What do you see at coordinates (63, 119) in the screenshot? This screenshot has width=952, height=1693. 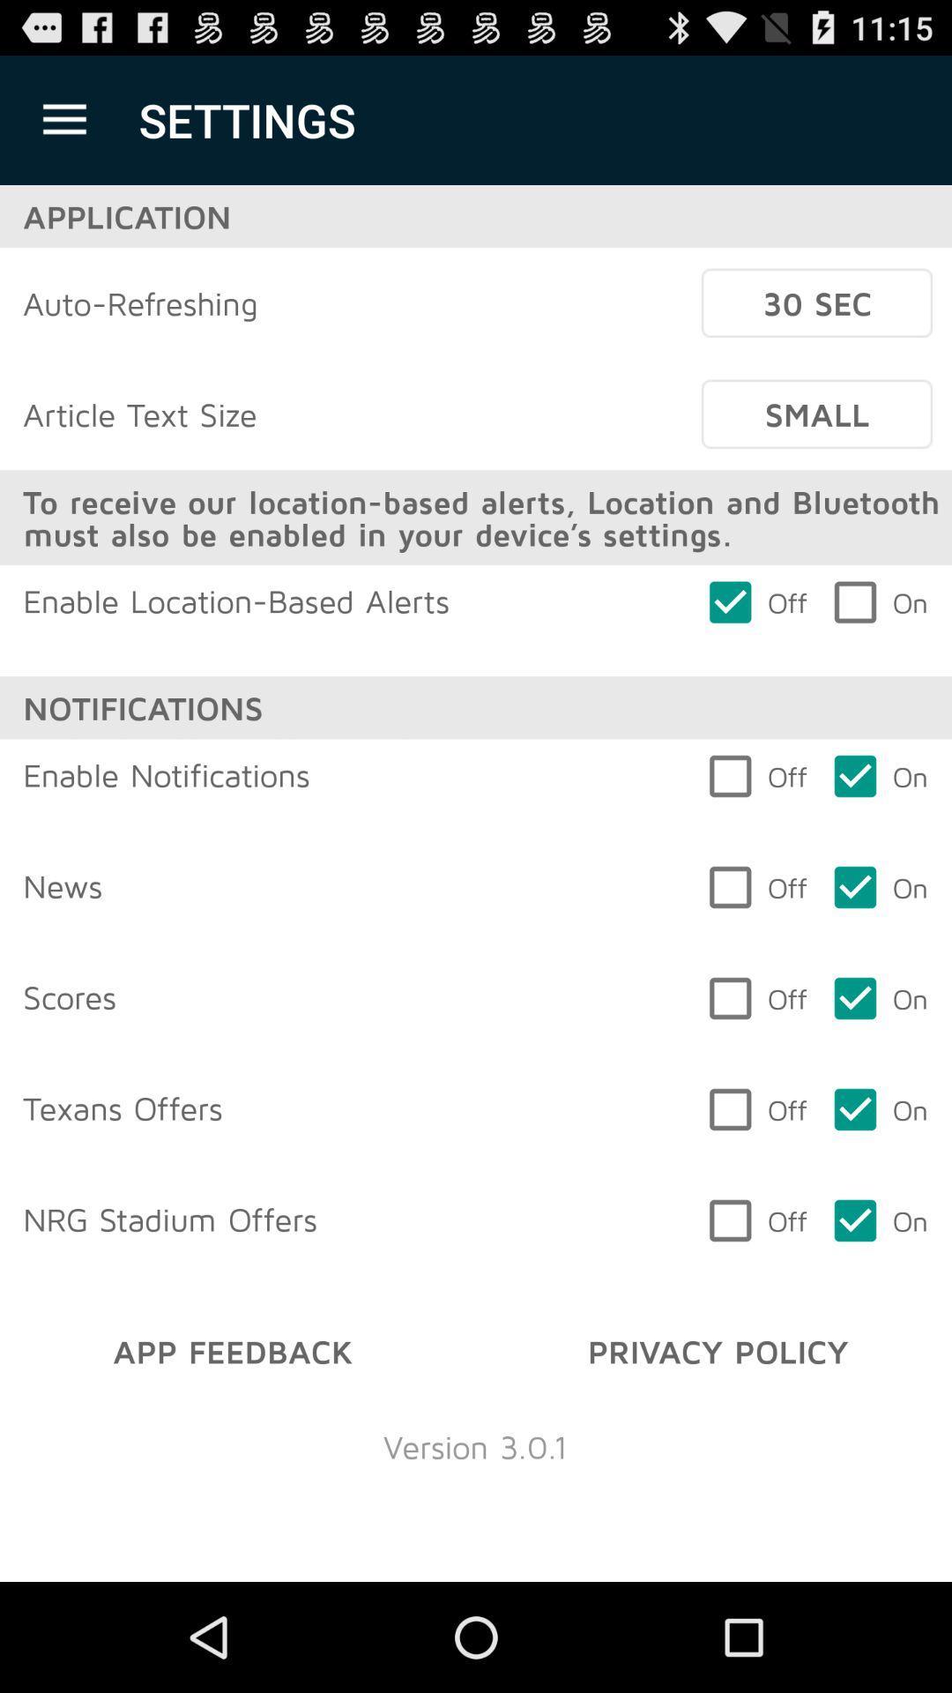 I see `item next to the settings` at bounding box center [63, 119].